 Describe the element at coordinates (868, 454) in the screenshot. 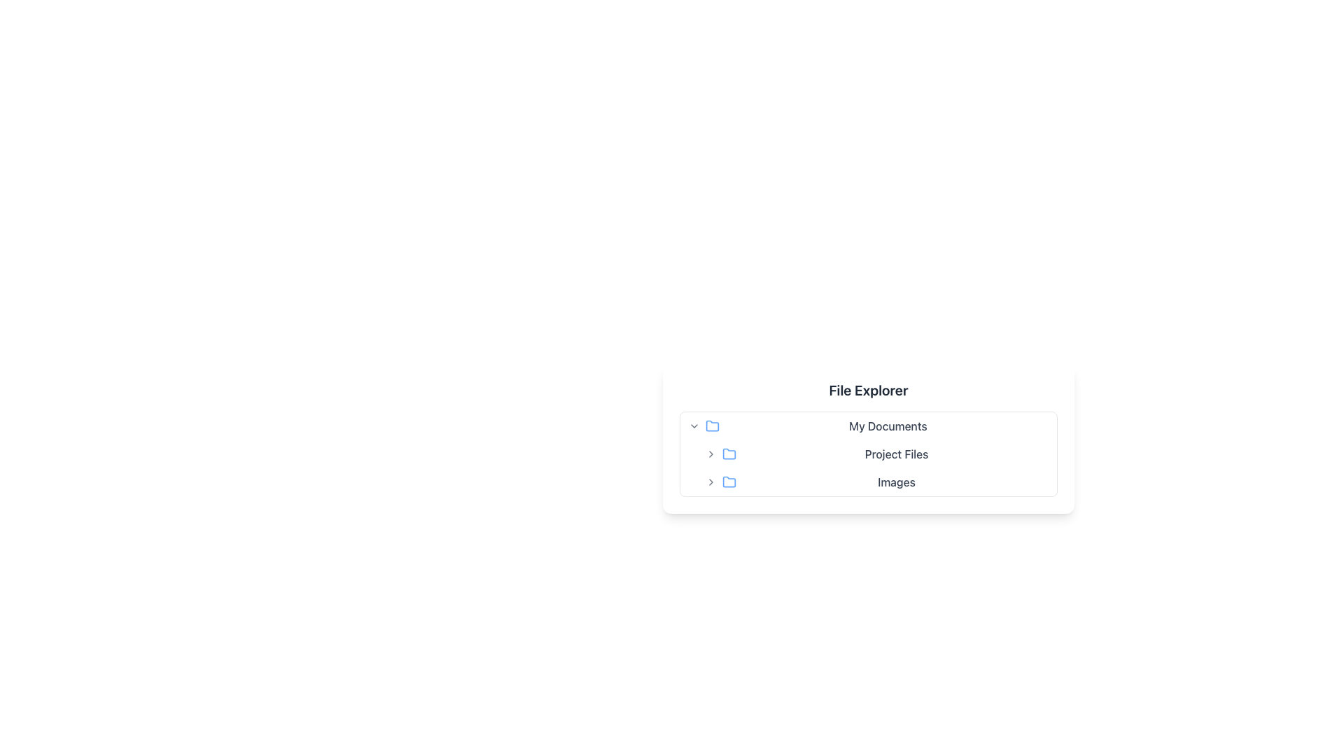

I see `the folder element in the file explorer, which is the second row item located between 'My Documents' and 'Images'` at that location.